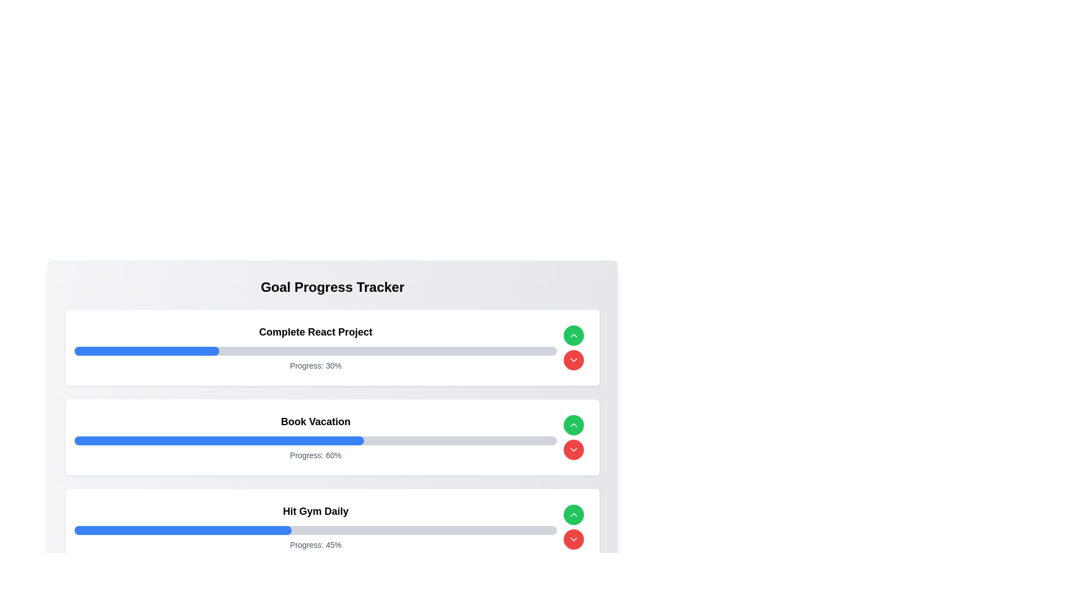  Describe the element at coordinates (315, 511) in the screenshot. I see `the text label displaying 'Hit Gym Daily', which is part of a progress tracker interface` at that location.